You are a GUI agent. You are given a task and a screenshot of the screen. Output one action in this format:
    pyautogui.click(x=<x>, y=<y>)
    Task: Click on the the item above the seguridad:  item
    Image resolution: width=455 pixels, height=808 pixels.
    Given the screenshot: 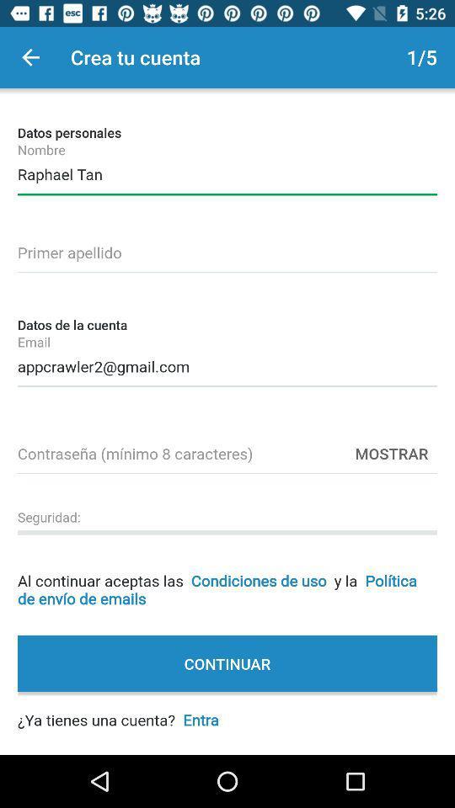 What is the action you would take?
    pyautogui.click(x=227, y=450)
    